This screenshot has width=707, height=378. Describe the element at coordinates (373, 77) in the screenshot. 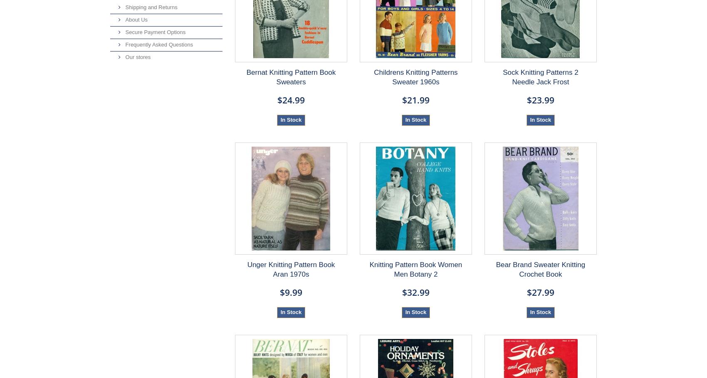

I see `'Childrens Knitting Patterns Sweater 1960s'` at that location.